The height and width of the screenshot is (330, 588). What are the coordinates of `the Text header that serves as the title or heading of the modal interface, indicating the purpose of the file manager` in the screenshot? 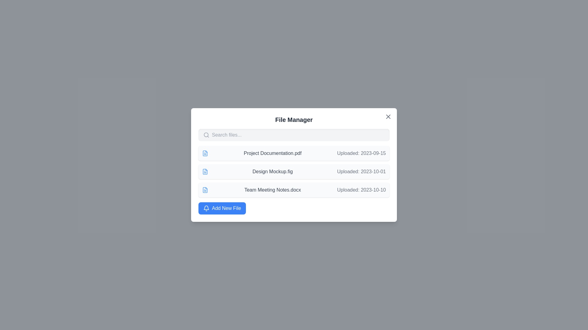 It's located at (294, 120).